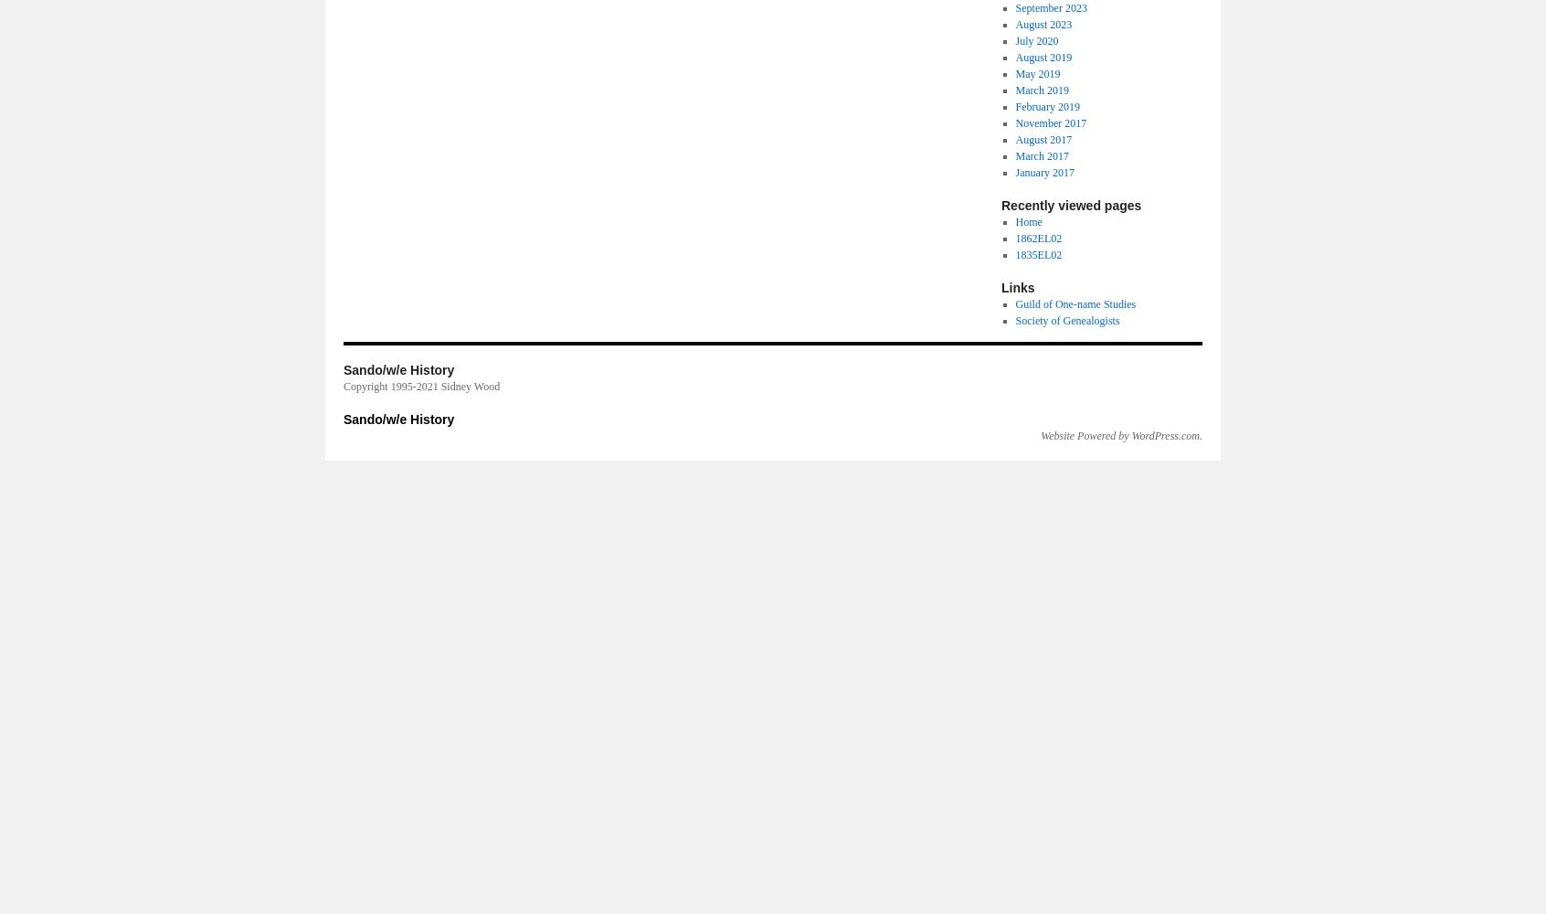 This screenshot has width=1546, height=914. Describe the element at coordinates (1035, 41) in the screenshot. I see `'July 2020'` at that location.